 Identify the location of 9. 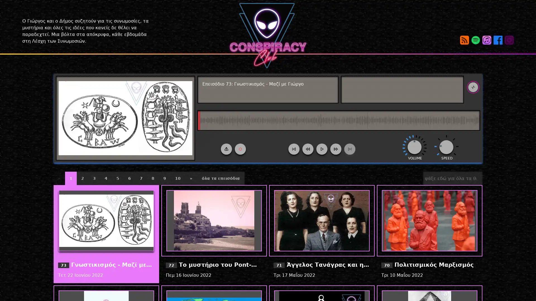
(164, 178).